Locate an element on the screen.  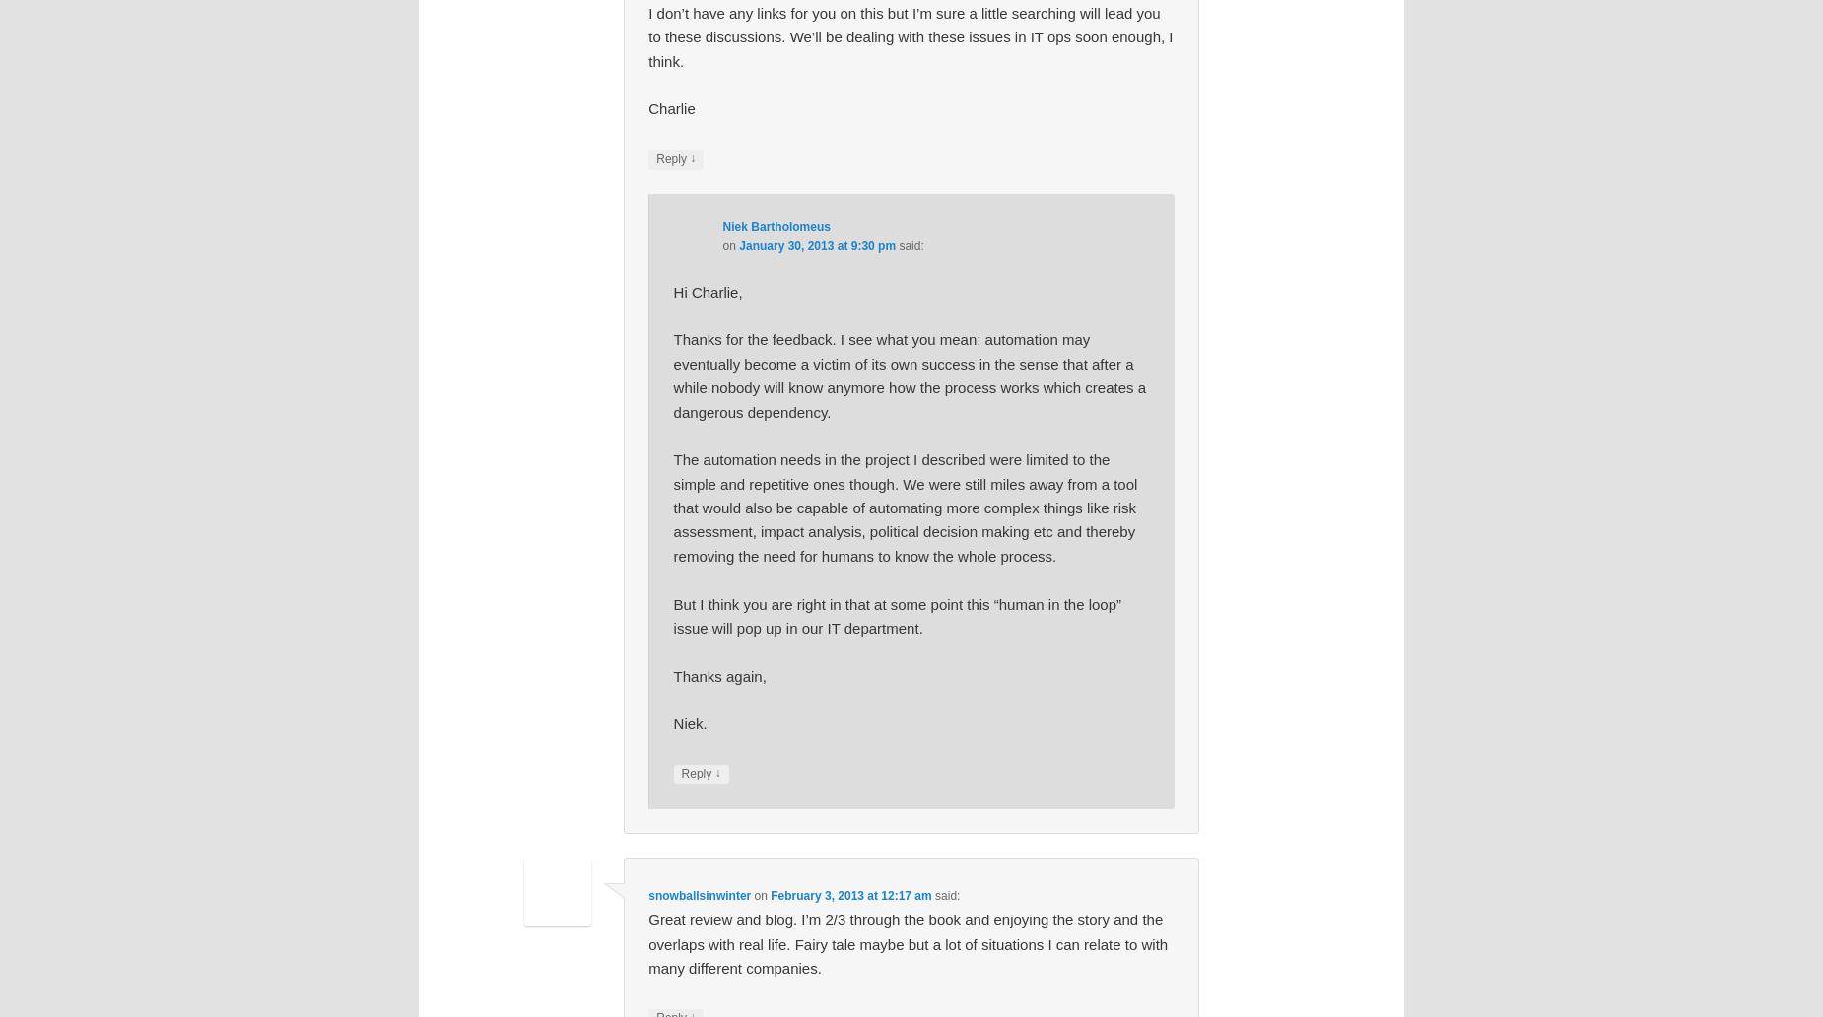
'Great review and blog.  I’m 2/3 through the book and enjoying the story and the overlaps with real life.  Fairy tale maybe but a lot of situations I can relate to with many different companies.' is located at coordinates (908, 943).